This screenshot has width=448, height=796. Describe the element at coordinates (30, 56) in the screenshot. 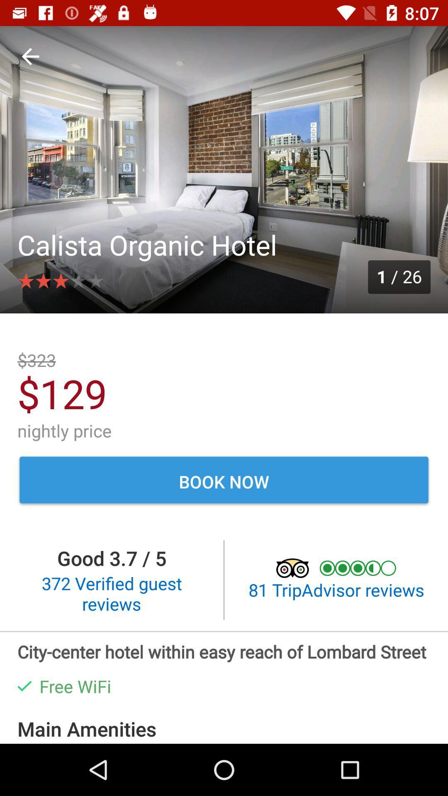

I see `icon above the calista organic hotel item` at that location.